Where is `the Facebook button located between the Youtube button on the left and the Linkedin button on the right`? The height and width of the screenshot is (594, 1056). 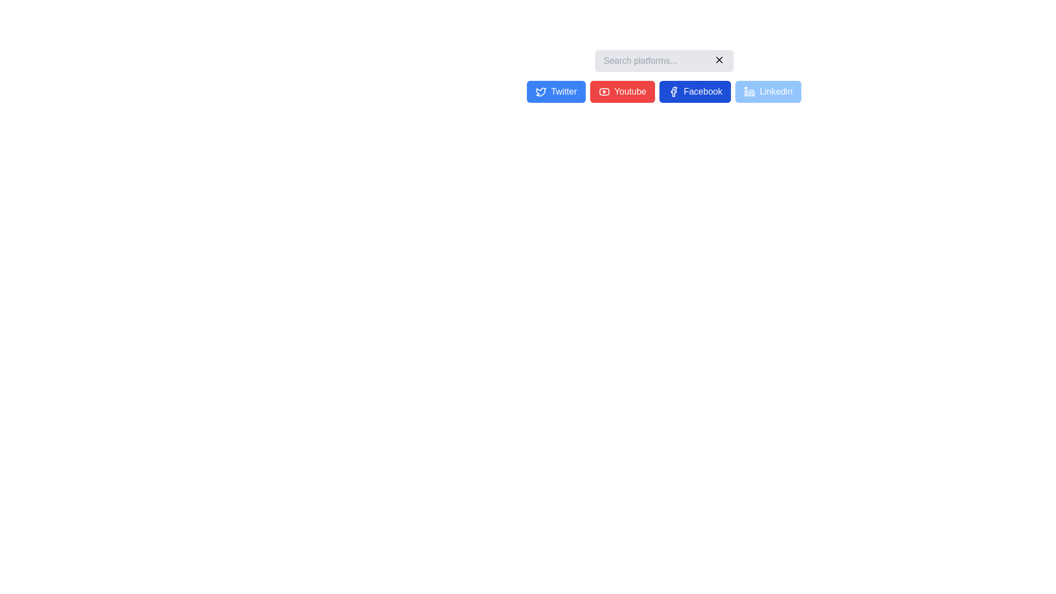
the Facebook button located between the Youtube button on the left and the Linkedin button on the right is located at coordinates (694, 91).